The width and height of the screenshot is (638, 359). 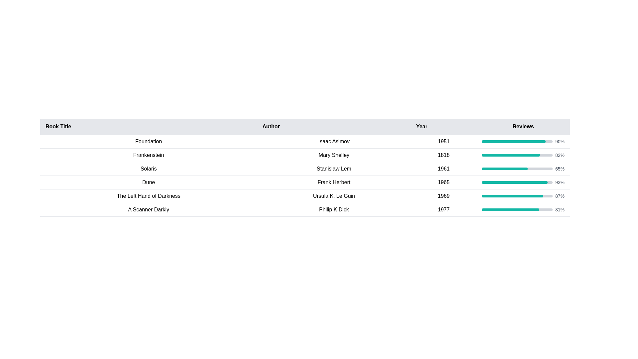 I want to click on the static text displaying the percentage value (81%) for the reviews of the book 'A Scanner Darkly', located in the 'Reviews' column to the right of the progress bar, so click(x=559, y=210).